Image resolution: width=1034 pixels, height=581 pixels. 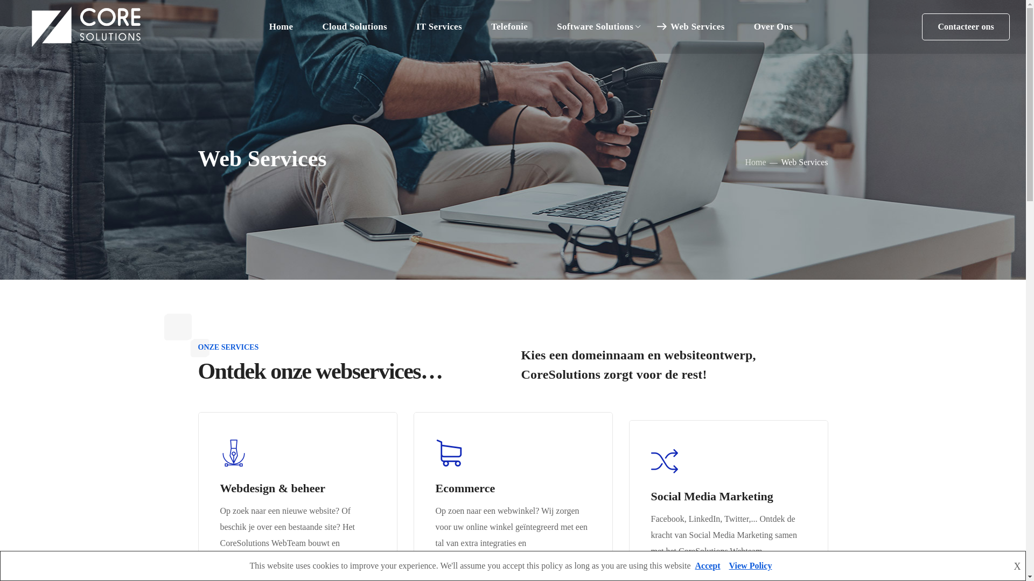 What do you see at coordinates (439, 26) in the screenshot?
I see `'IT Services'` at bounding box center [439, 26].